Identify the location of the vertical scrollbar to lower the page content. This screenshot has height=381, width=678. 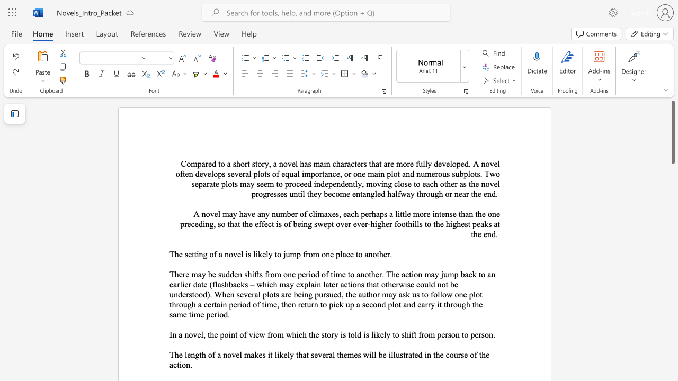
(672, 355).